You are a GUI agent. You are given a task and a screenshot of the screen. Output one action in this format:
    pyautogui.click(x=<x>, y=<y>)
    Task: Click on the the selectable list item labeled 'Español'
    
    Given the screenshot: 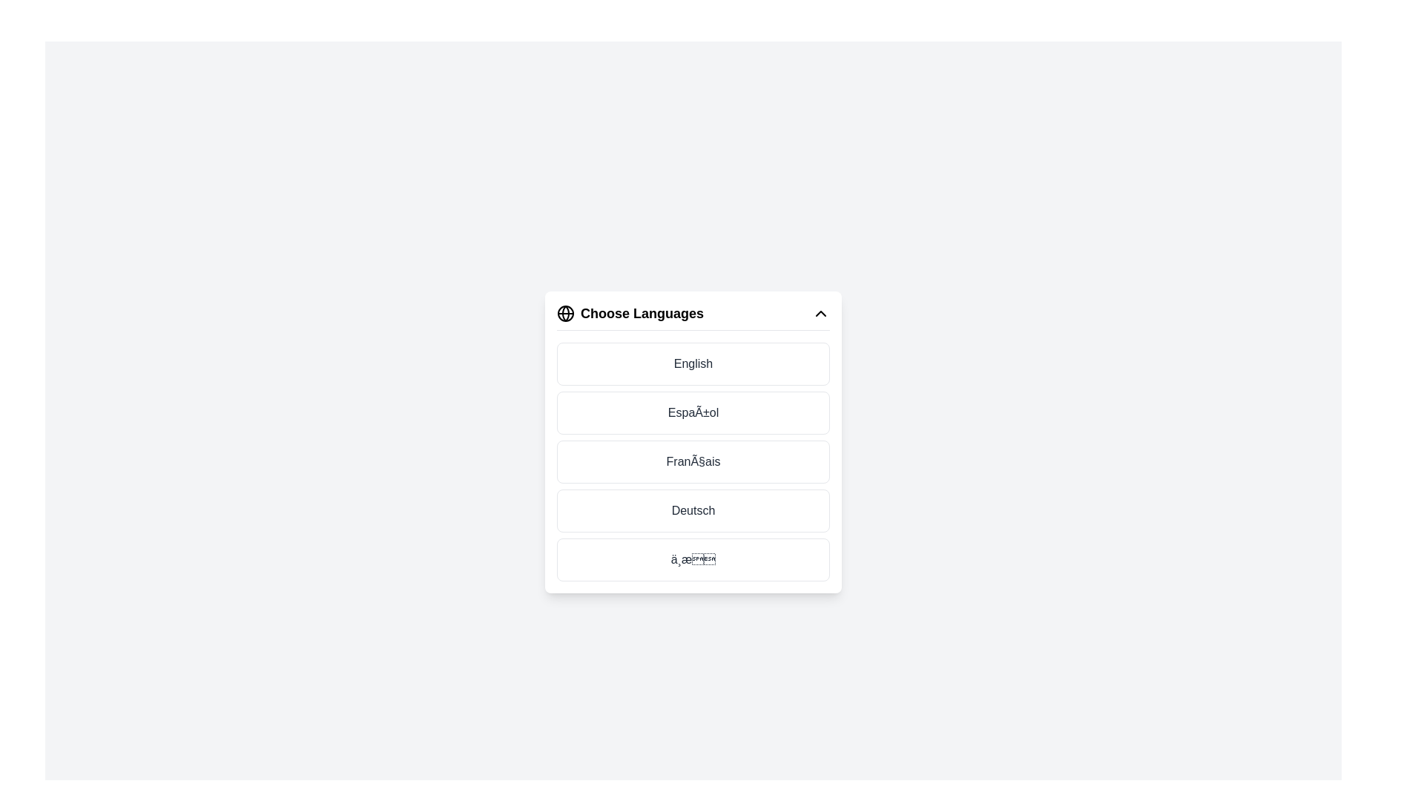 What is the action you would take?
    pyautogui.click(x=693, y=412)
    